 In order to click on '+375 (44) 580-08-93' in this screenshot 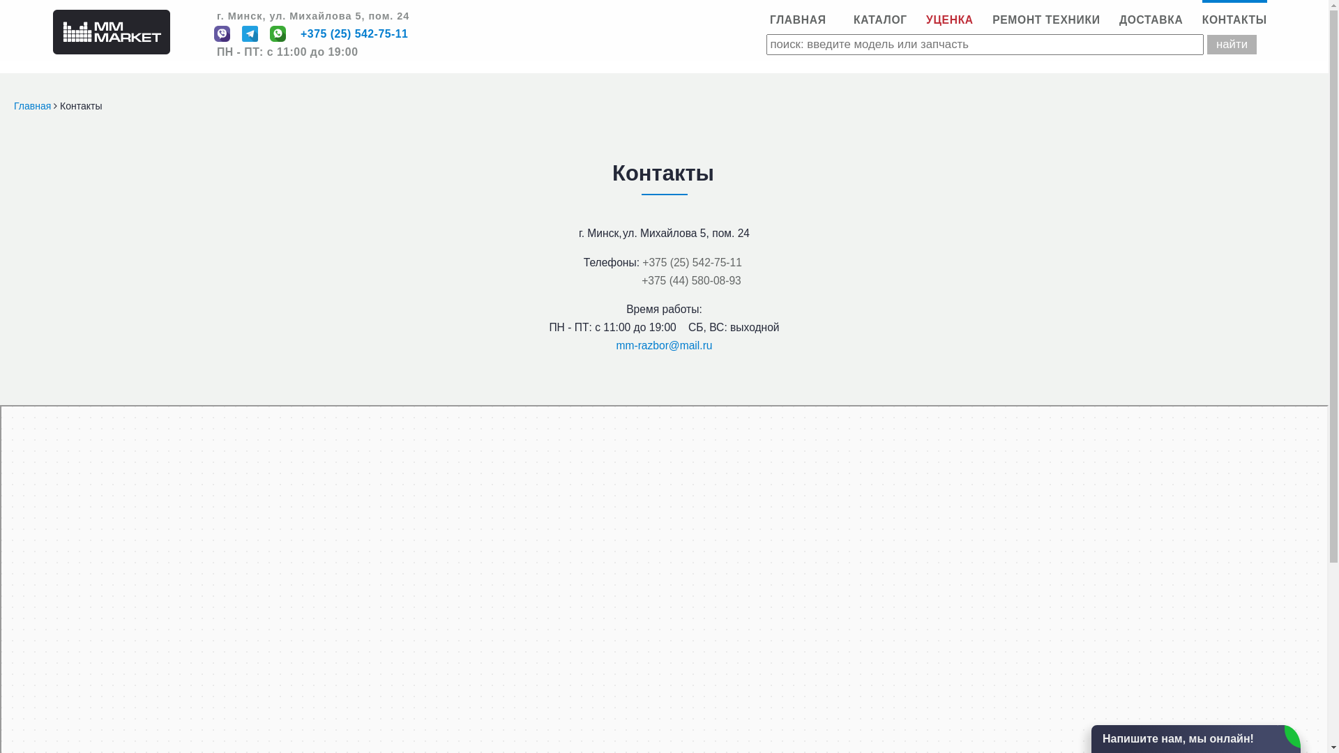, I will do `click(691, 280)`.